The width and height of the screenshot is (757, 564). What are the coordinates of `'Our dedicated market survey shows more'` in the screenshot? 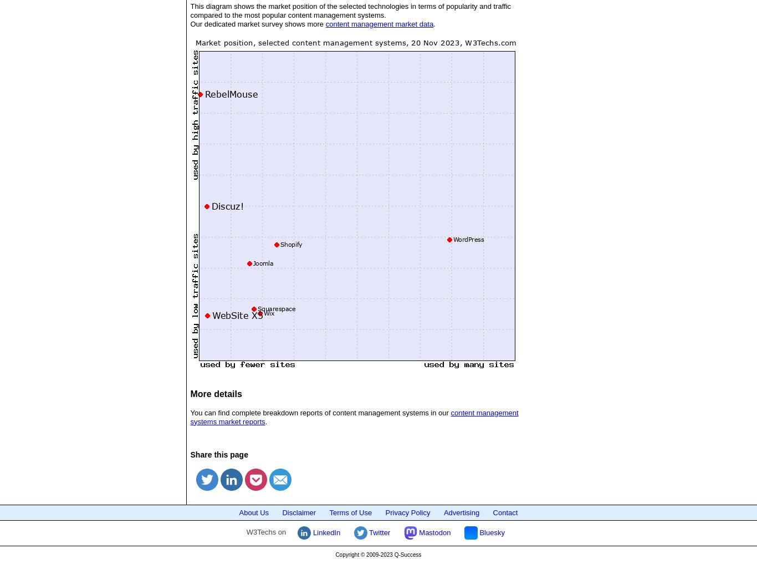 It's located at (257, 23).